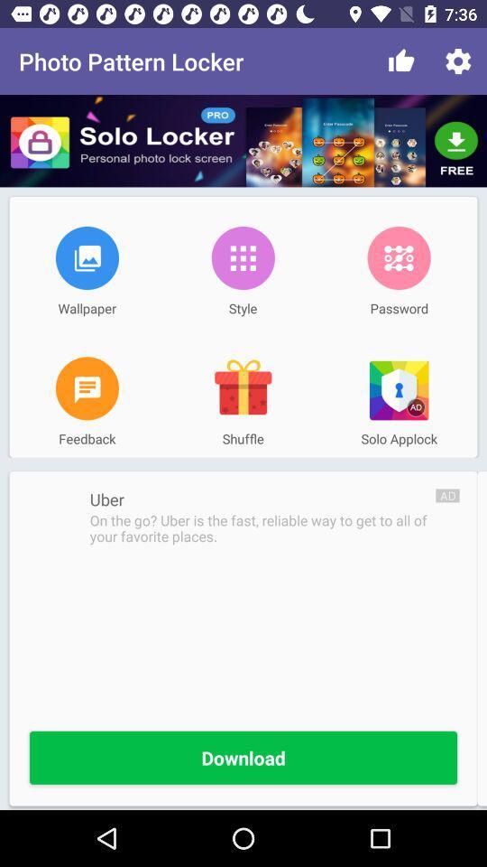 This screenshot has height=867, width=487. I want to click on item to the right of wallpaper icon, so click(243, 256).